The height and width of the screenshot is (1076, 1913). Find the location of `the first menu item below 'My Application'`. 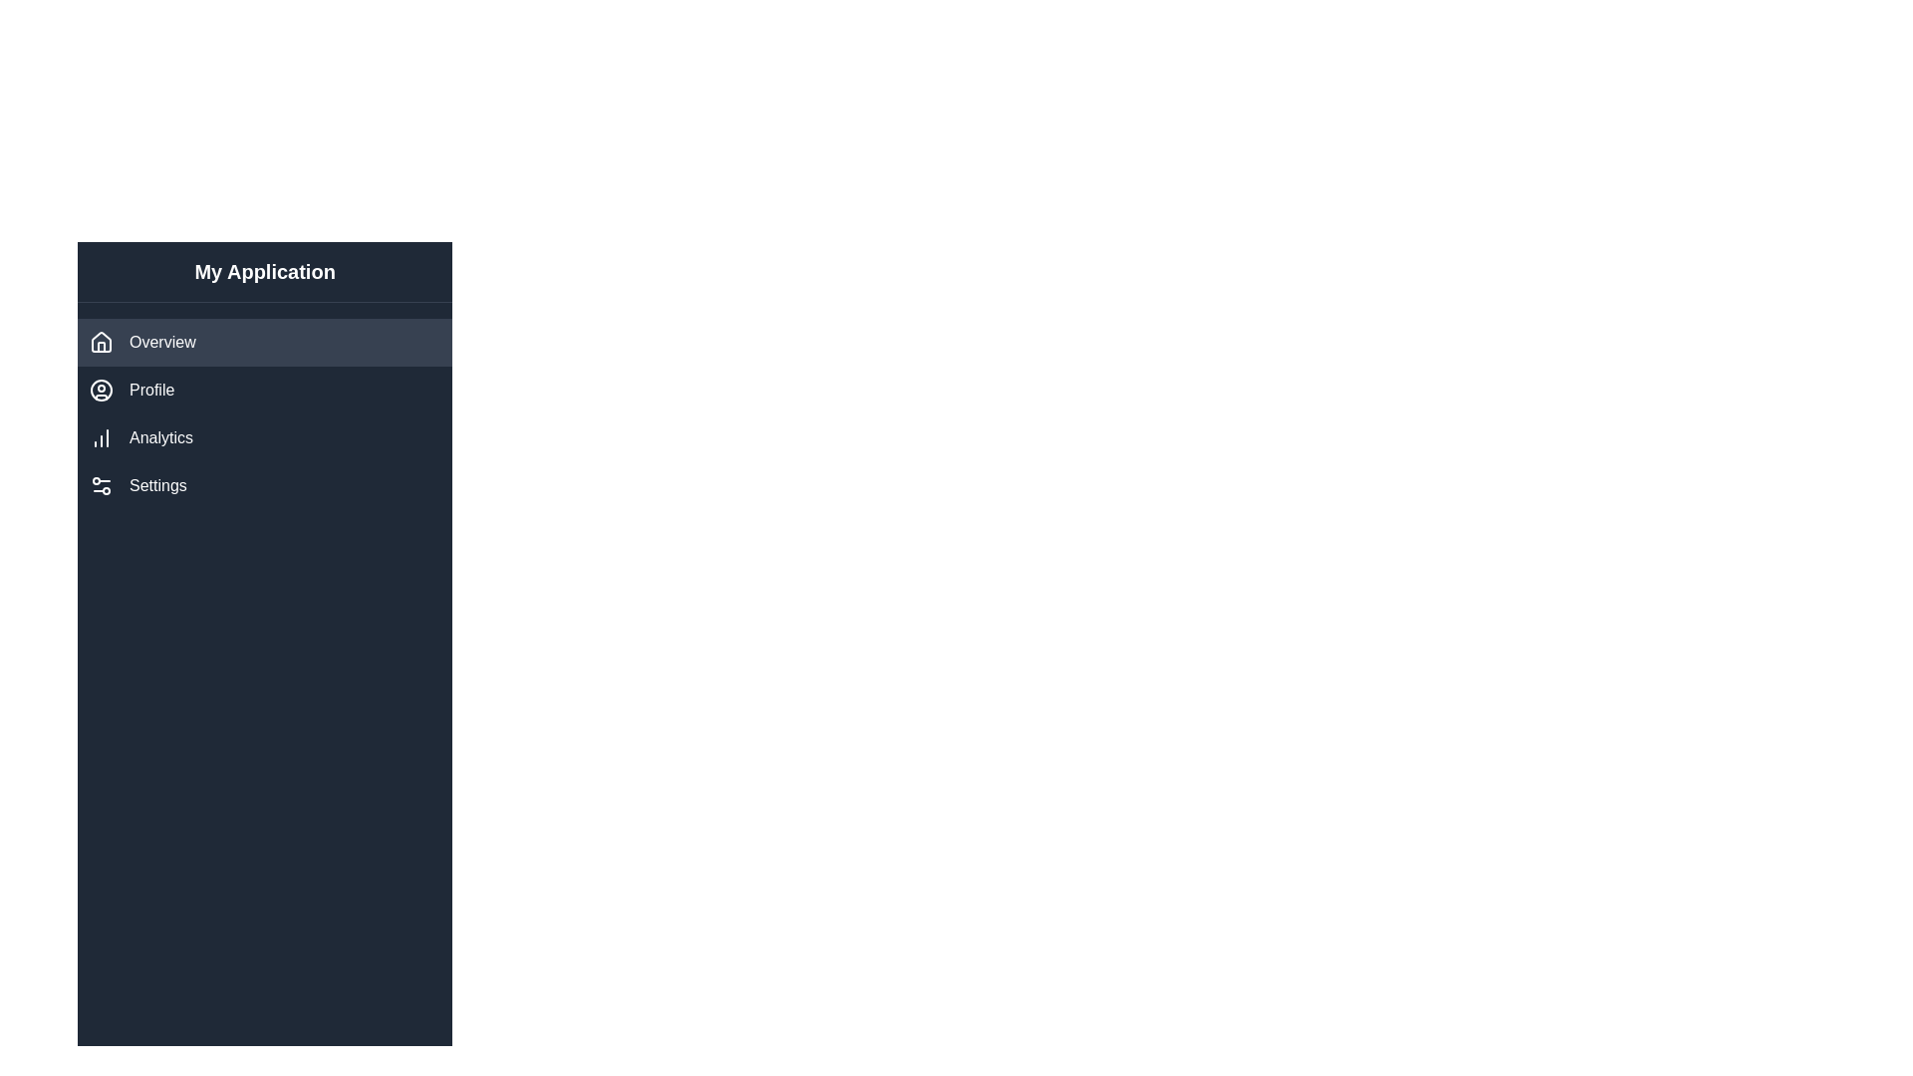

the first menu item below 'My Application' is located at coordinates (264, 341).